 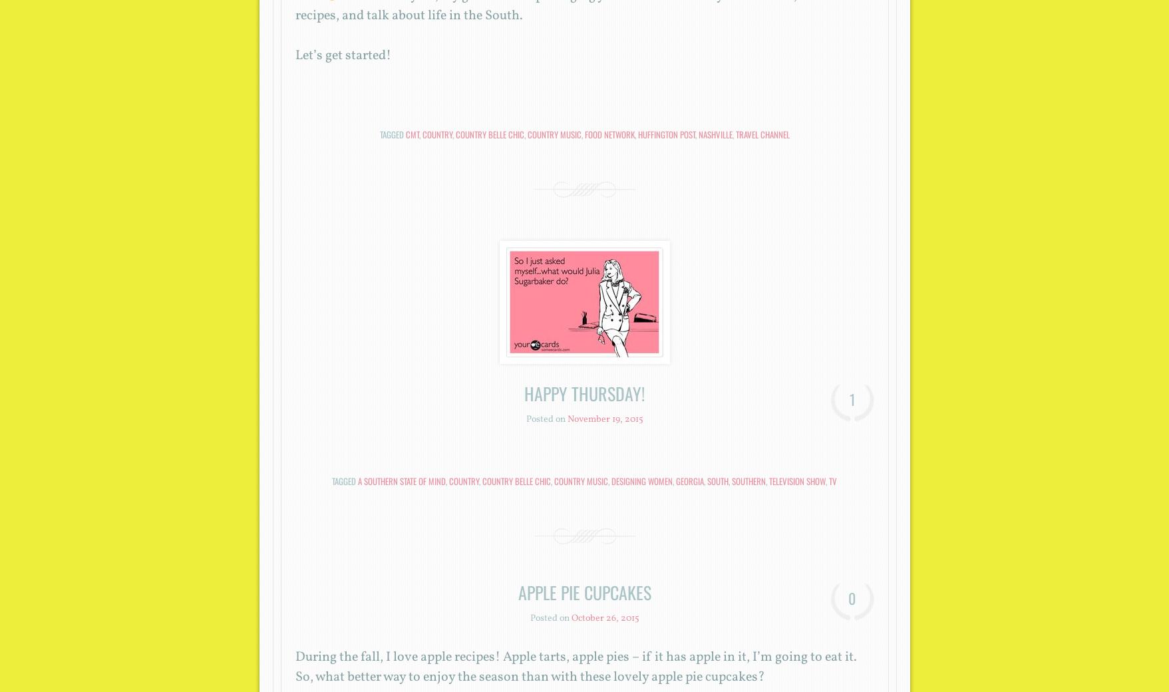 What do you see at coordinates (852, 597) in the screenshot?
I see `'0'` at bounding box center [852, 597].